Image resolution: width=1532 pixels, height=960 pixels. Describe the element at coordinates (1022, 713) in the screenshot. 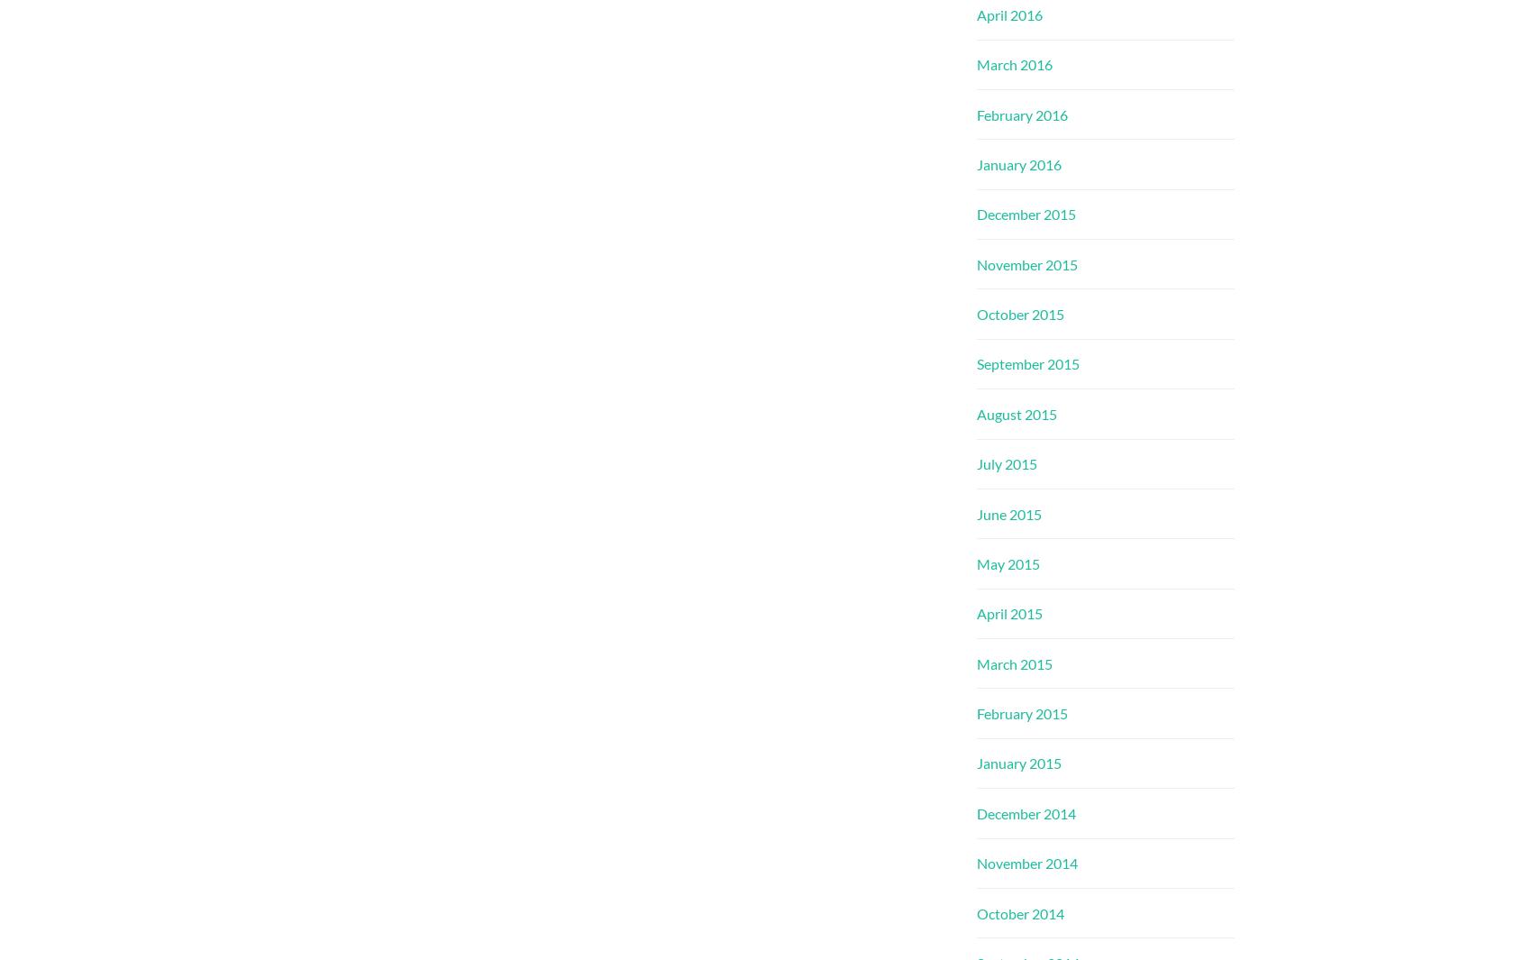

I see `'February 2015'` at that location.